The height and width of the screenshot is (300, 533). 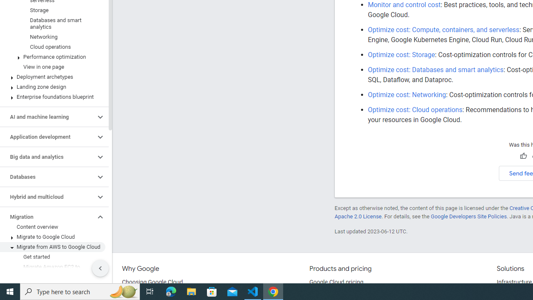 What do you see at coordinates (407, 94) in the screenshot?
I see `'Optimize cost: Networking'` at bounding box center [407, 94].